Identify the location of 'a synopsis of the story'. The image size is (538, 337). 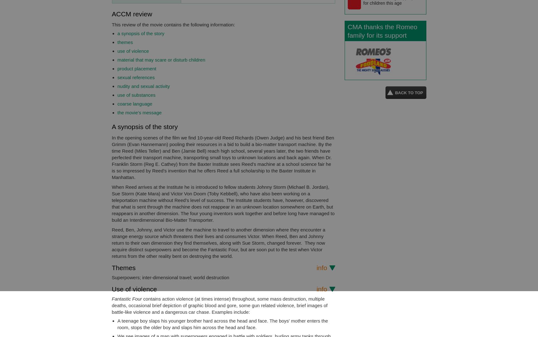
(141, 33).